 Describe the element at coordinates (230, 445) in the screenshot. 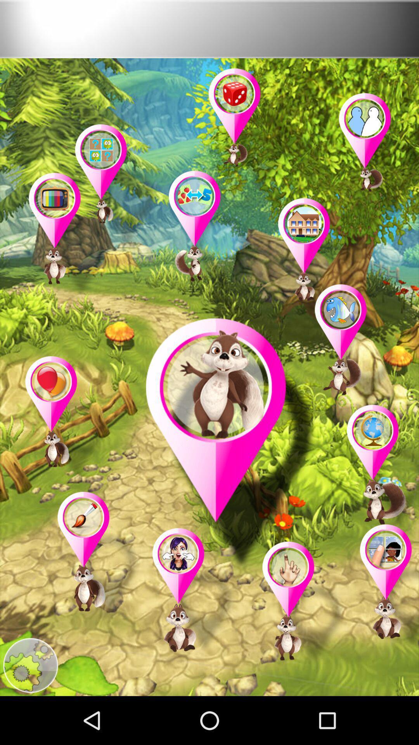

I see `interact with james` at that location.